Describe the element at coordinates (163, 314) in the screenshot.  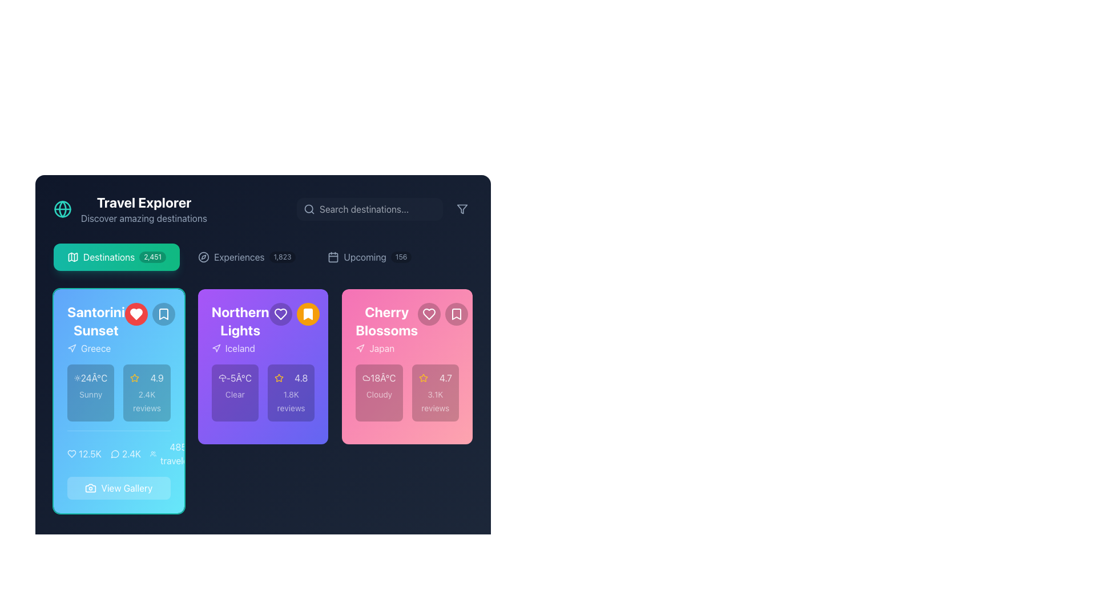
I see `the bookmark IconButton located in the top-right corner of the 'Santorini Sunset' card` at that location.